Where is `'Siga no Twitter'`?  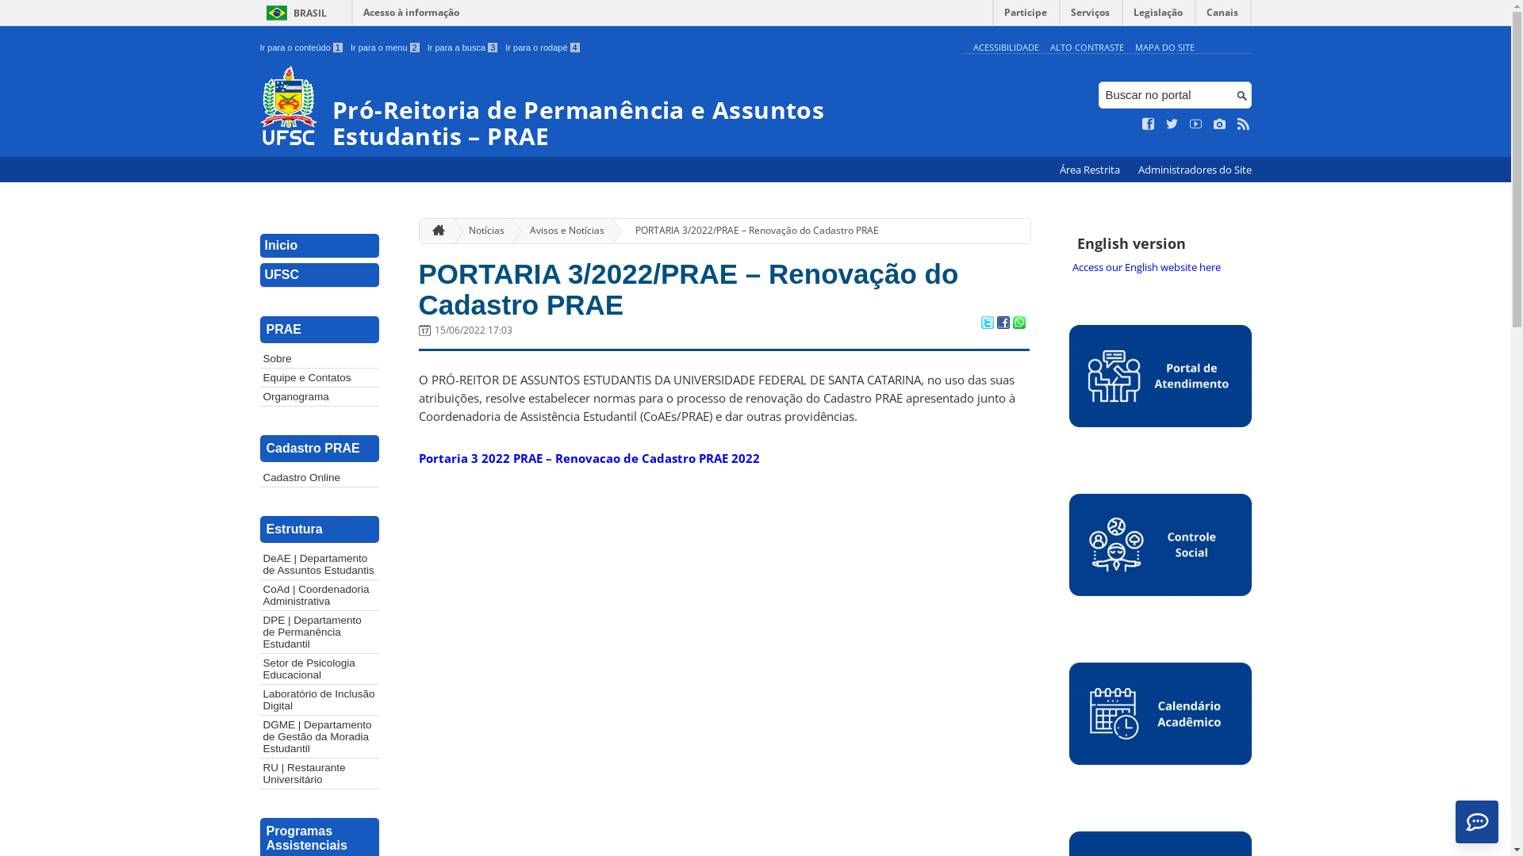
'Siga no Twitter' is located at coordinates (1172, 124).